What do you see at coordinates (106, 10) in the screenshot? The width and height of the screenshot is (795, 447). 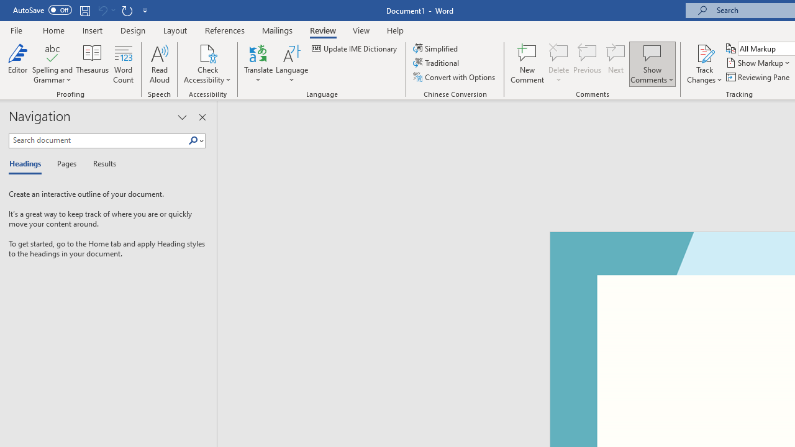 I see `'Can'` at bounding box center [106, 10].